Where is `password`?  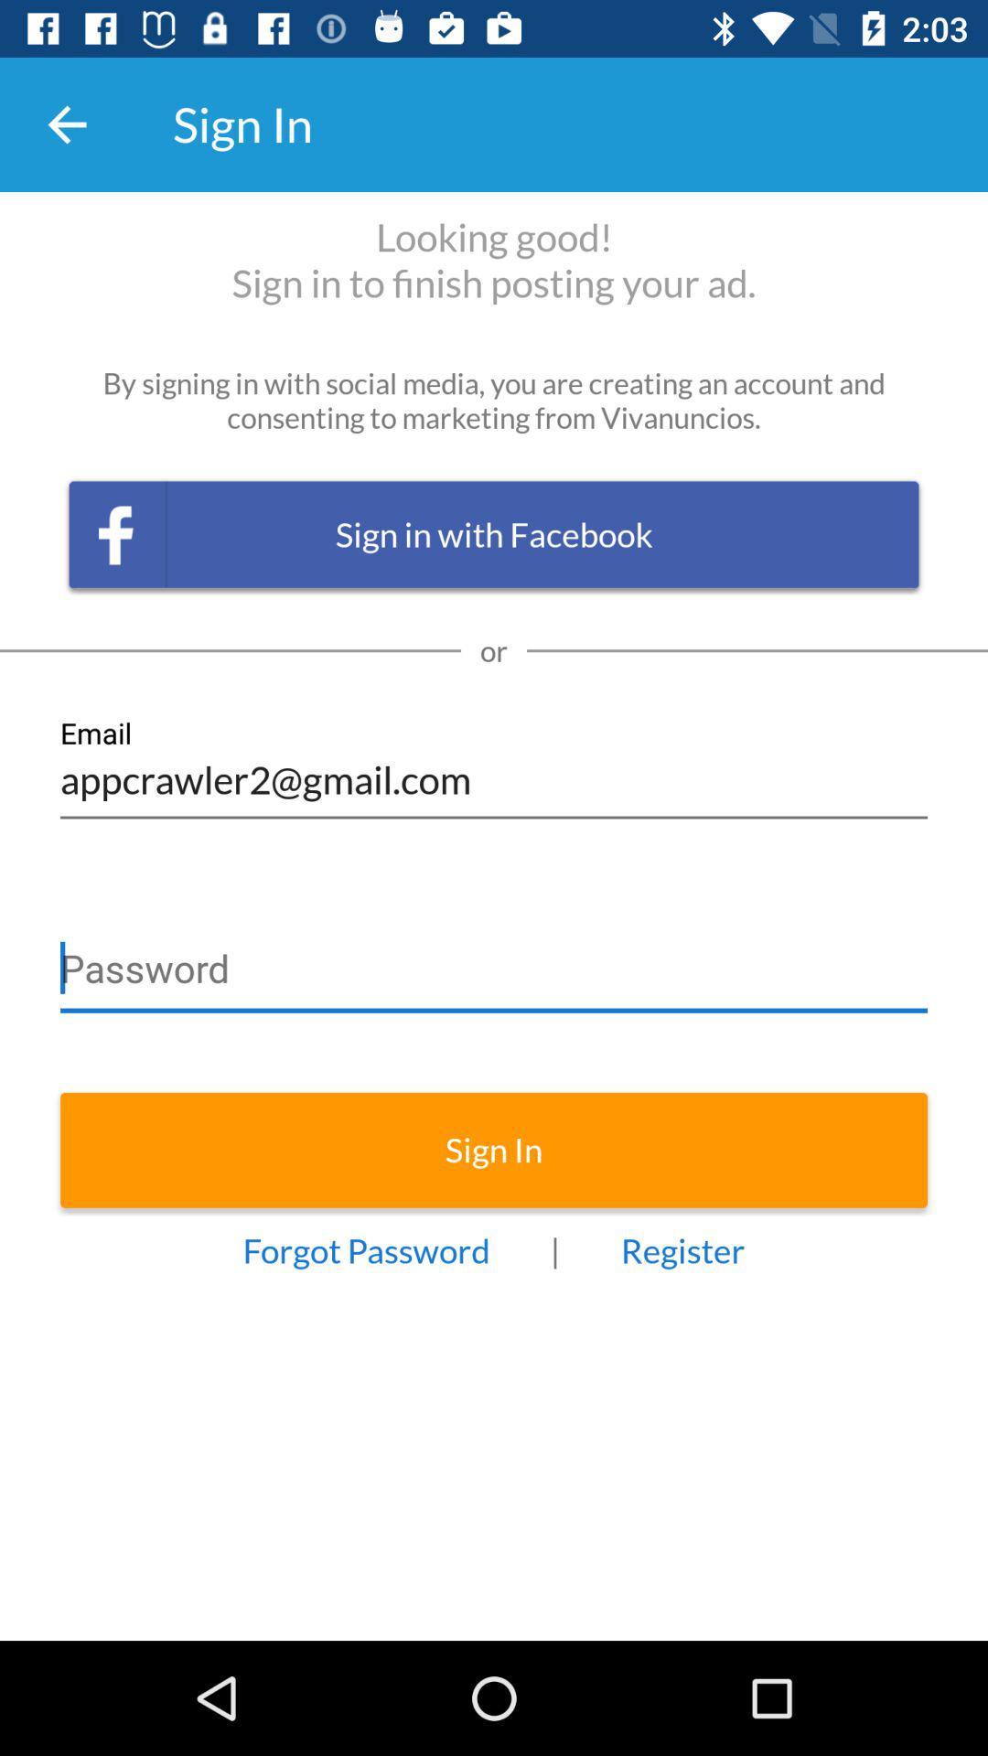 password is located at coordinates (494, 959).